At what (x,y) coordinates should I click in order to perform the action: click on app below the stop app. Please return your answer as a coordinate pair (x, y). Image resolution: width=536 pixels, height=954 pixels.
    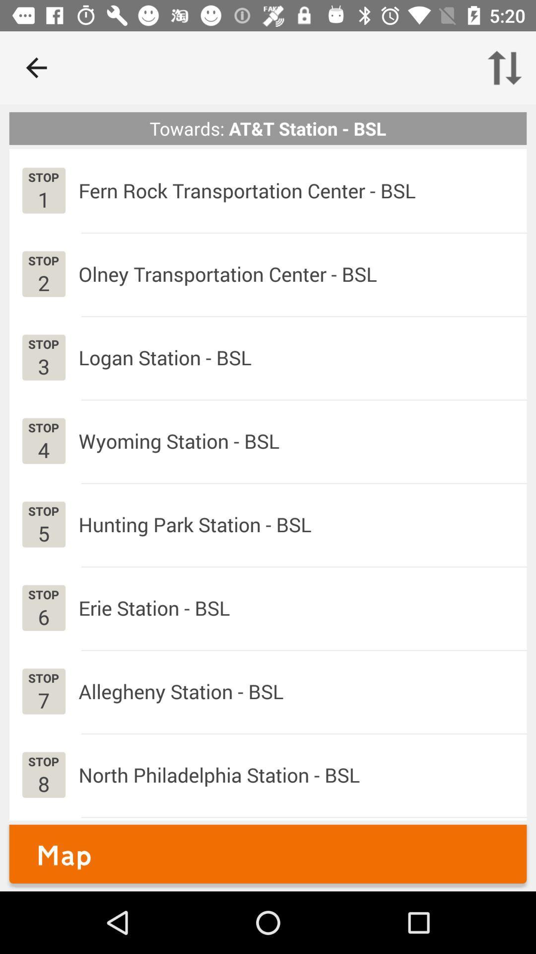
    Looking at the image, I should click on (43, 700).